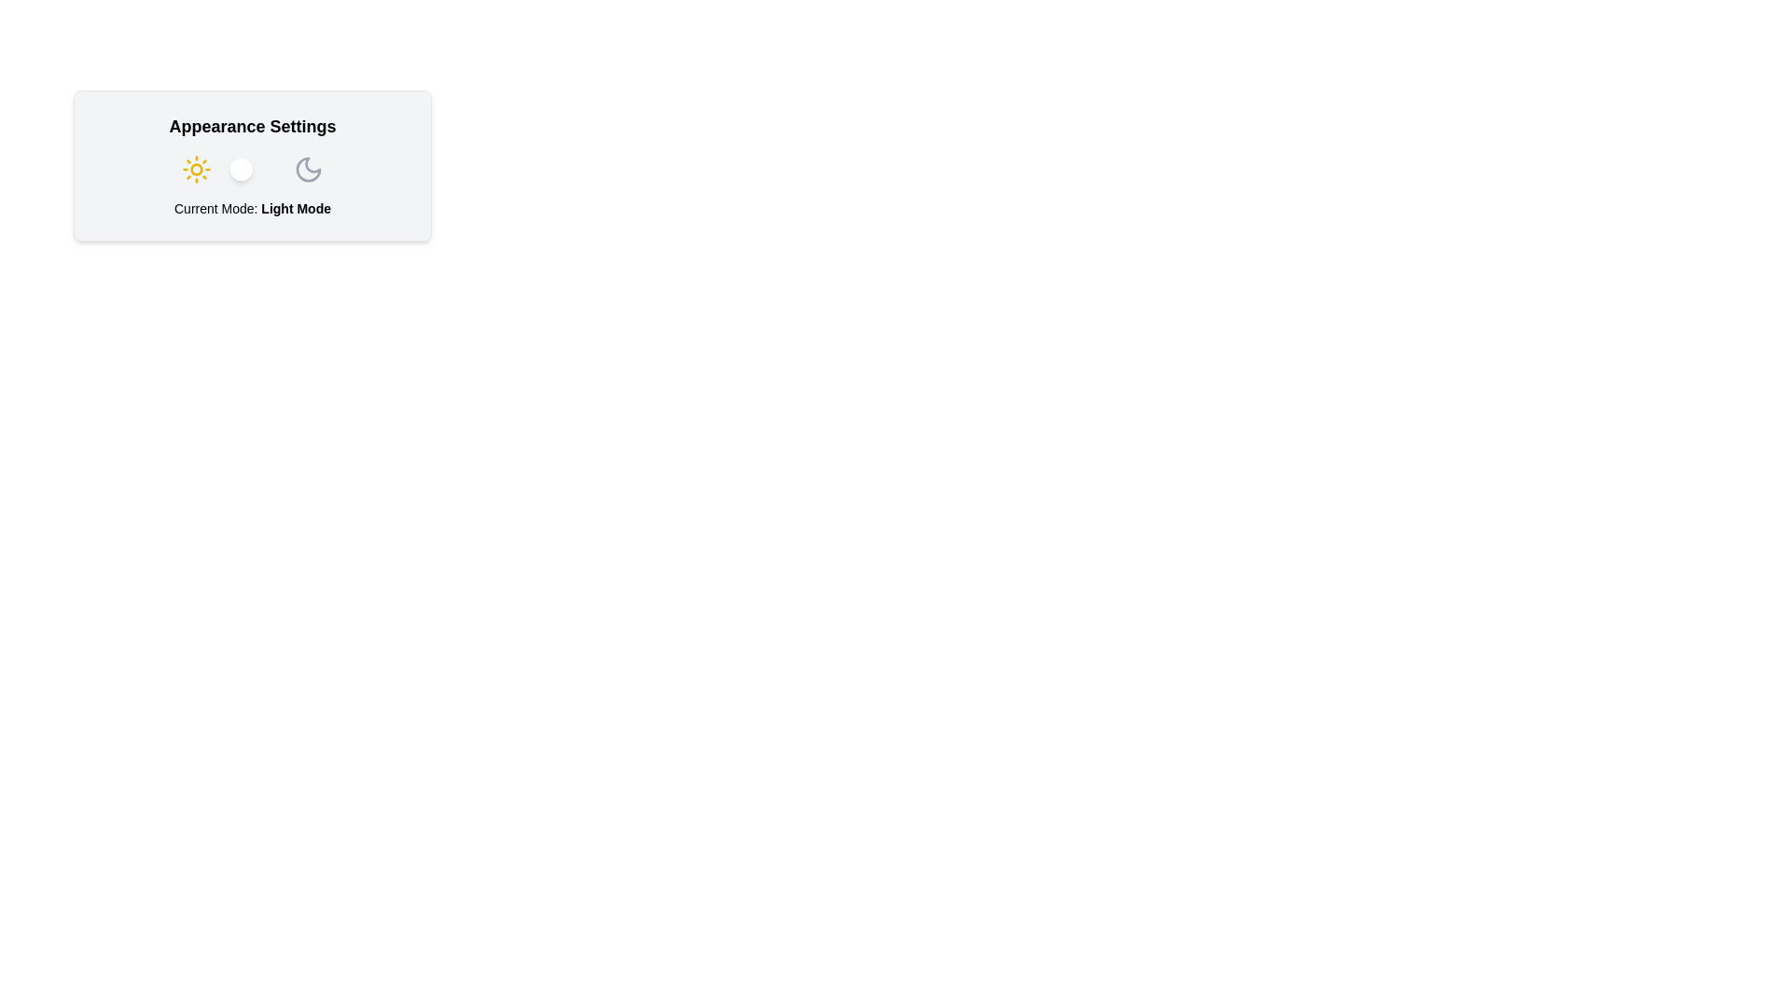 This screenshot has width=1791, height=1007. Describe the element at coordinates (251, 208) in the screenshot. I see `the text label displaying 'Current Mode: Light Mode', which is styled in bold and located within the 'Appearance Settings' box` at that location.